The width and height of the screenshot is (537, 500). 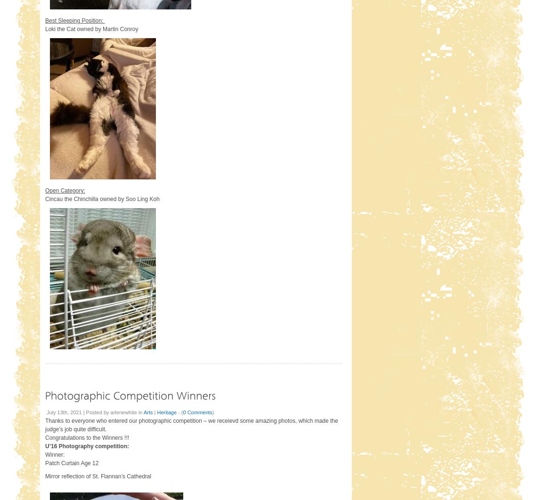 What do you see at coordinates (176, 411) in the screenshot?
I see `'- ('` at bounding box center [176, 411].